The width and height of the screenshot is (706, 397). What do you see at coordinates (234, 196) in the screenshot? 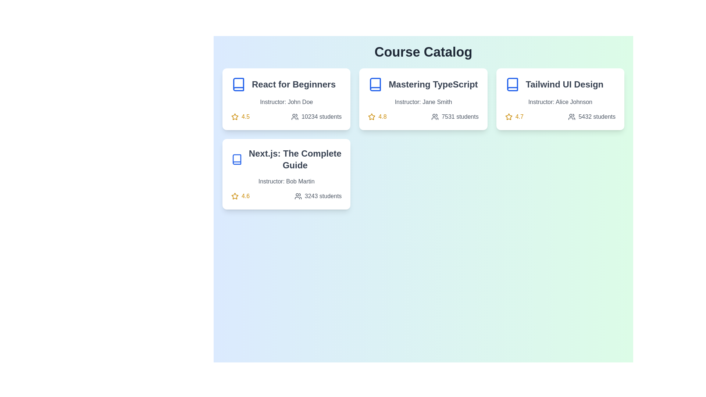
I see `the star icon representing the rating system for the 'Next.js: The Complete Guide' course` at bounding box center [234, 196].